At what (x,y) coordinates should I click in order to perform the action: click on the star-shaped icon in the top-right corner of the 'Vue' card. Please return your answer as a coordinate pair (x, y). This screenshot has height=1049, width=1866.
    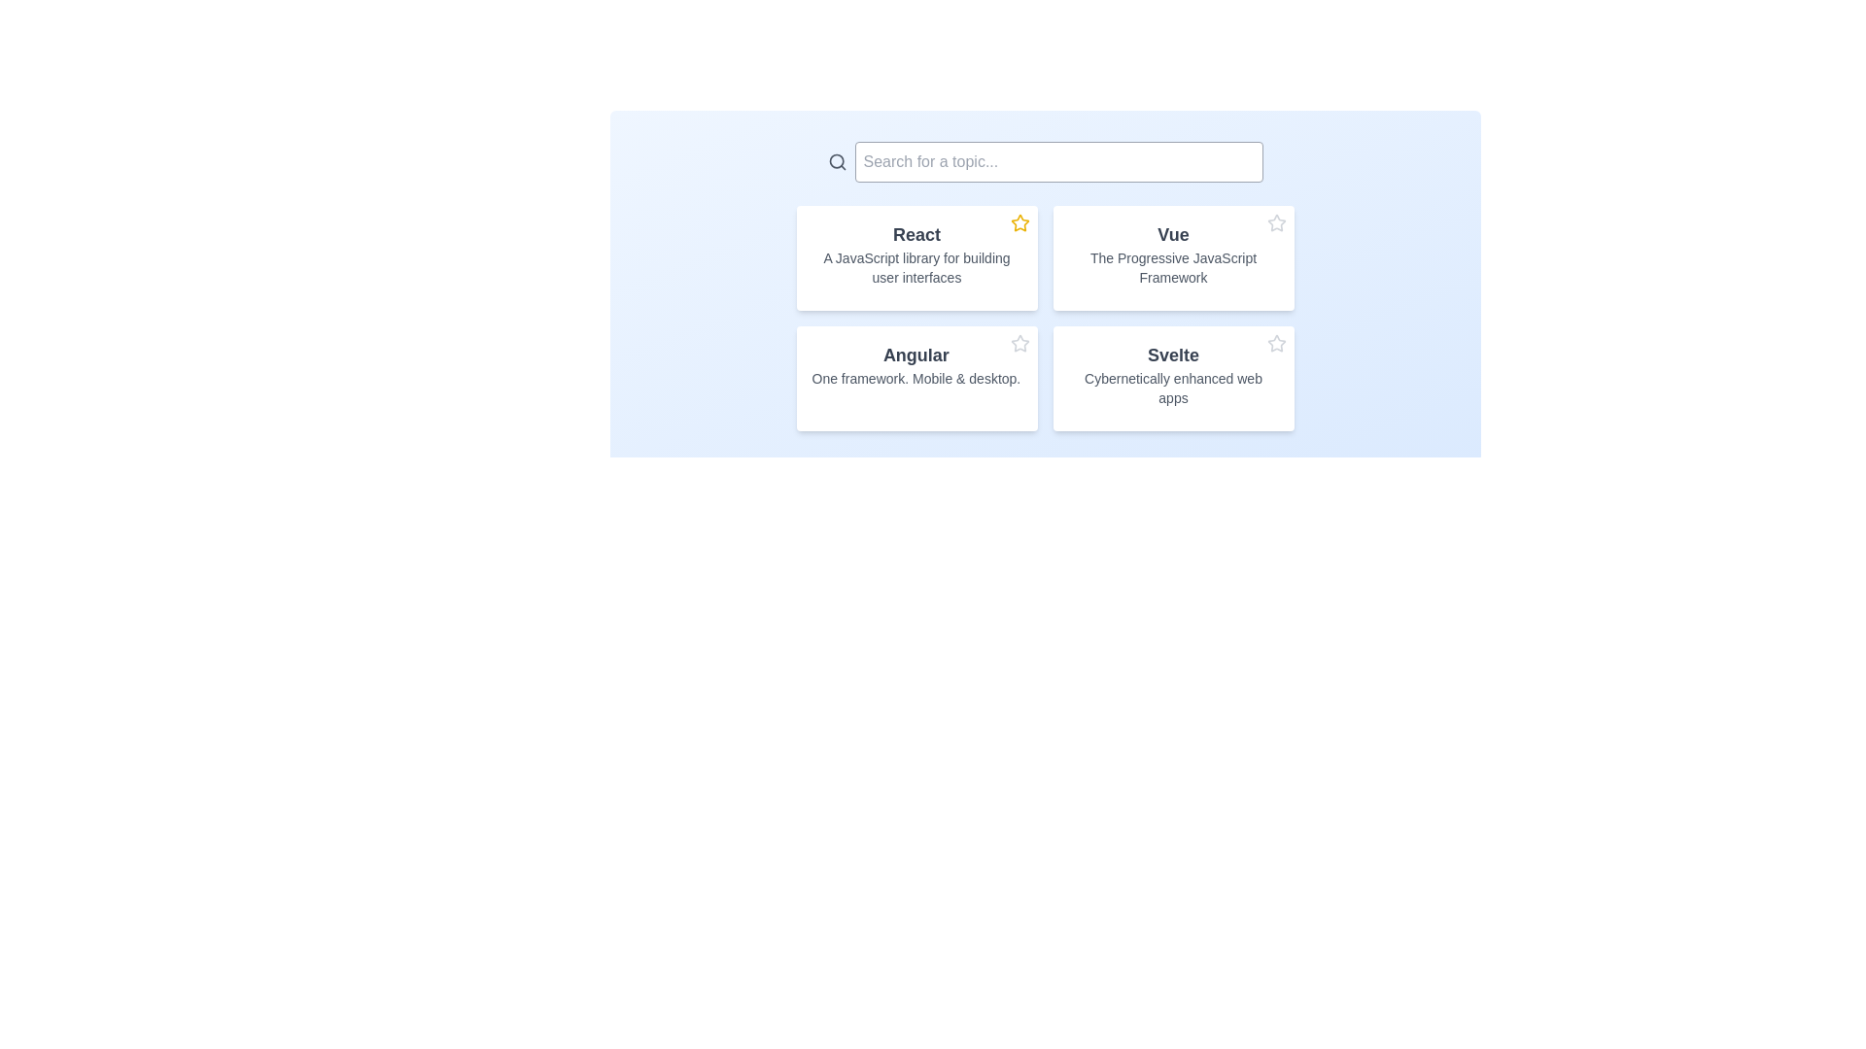
    Looking at the image, I should click on (1276, 221).